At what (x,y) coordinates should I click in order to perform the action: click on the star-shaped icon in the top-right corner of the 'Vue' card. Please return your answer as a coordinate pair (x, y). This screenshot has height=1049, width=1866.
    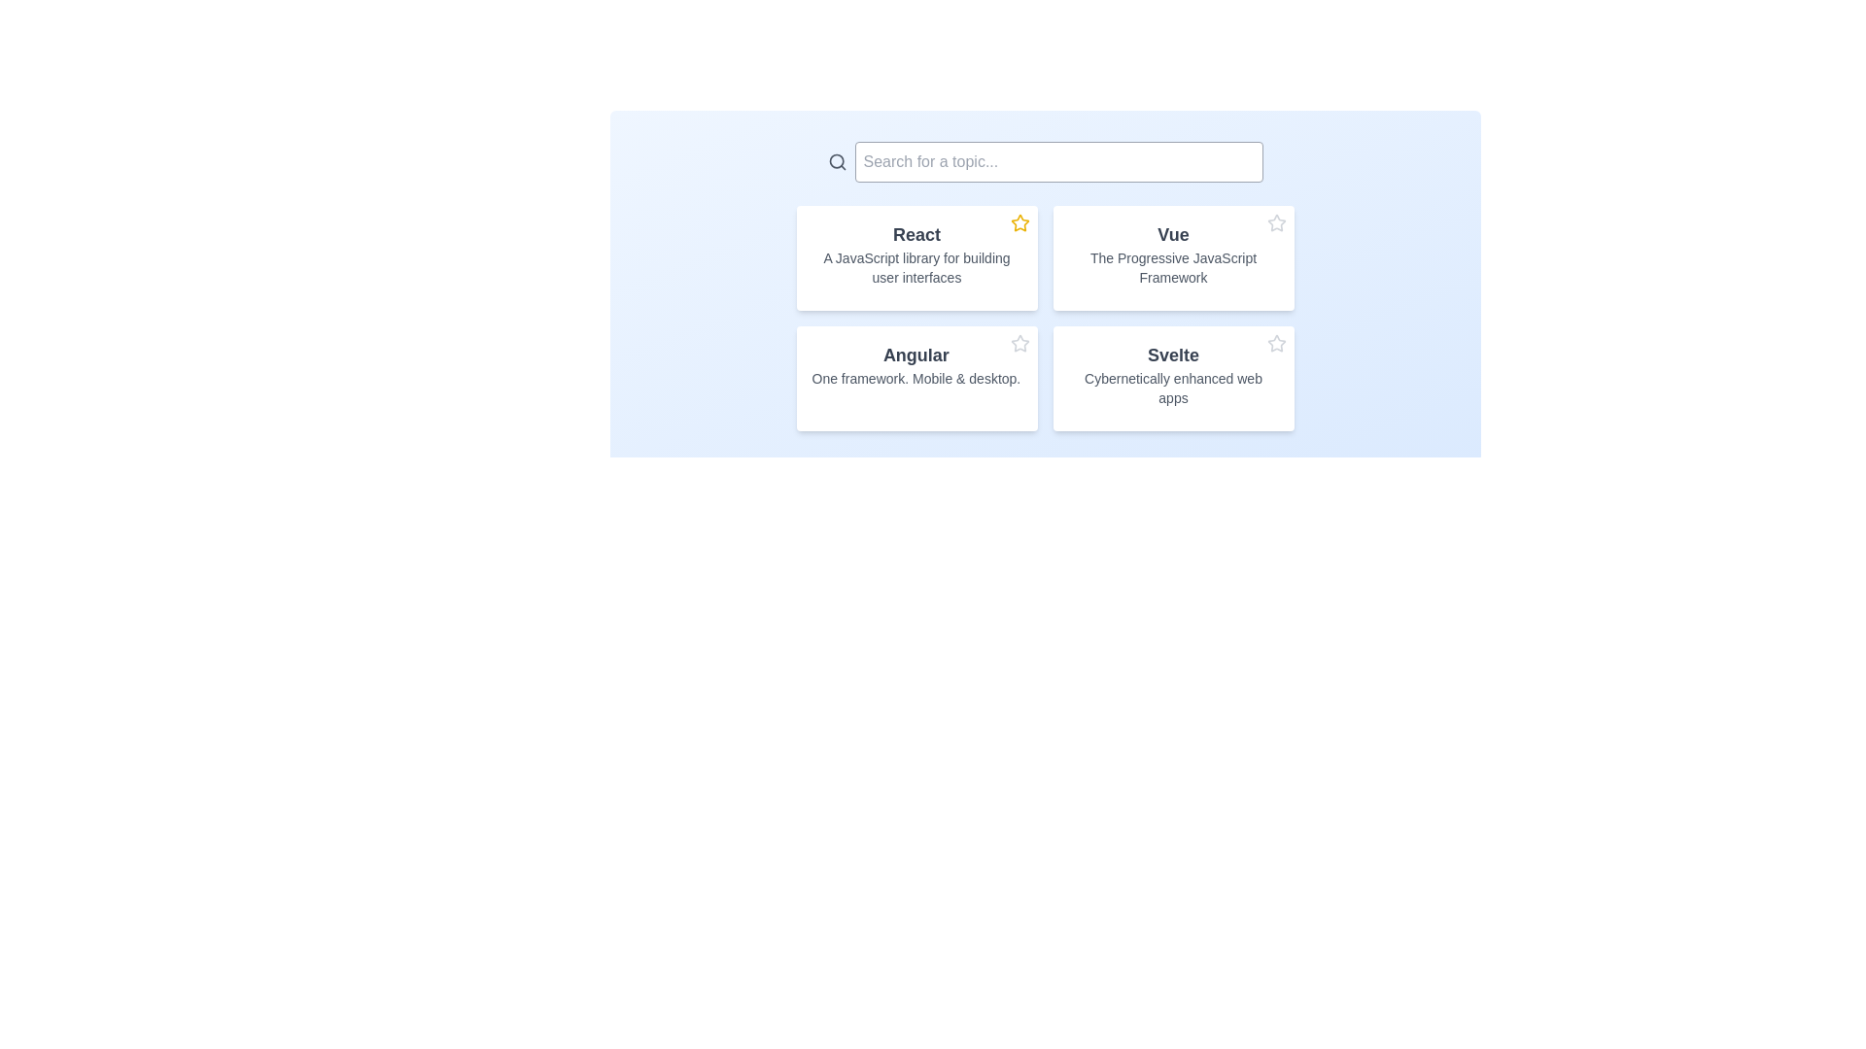
    Looking at the image, I should click on (1276, 221).